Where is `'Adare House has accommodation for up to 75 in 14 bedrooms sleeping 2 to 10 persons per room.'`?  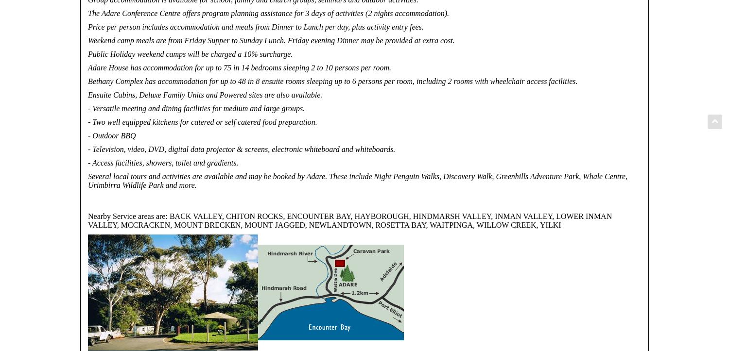 'Adare House has accommodation for up to 75 in 14 bedrooms sleeping 2 to 10 persons per room.' is located at coordinates (88, 67).